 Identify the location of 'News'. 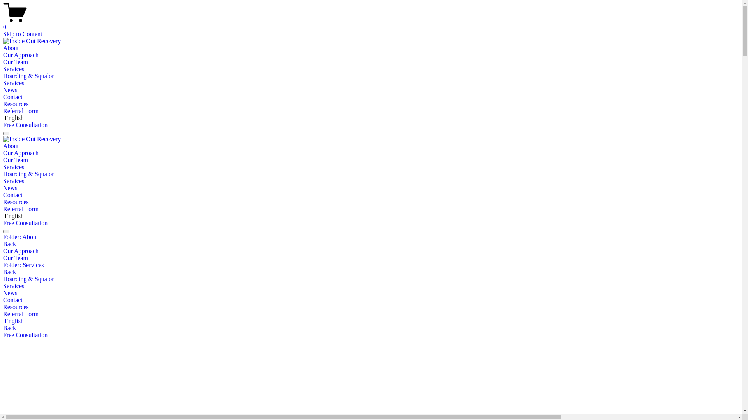
(3, 188).